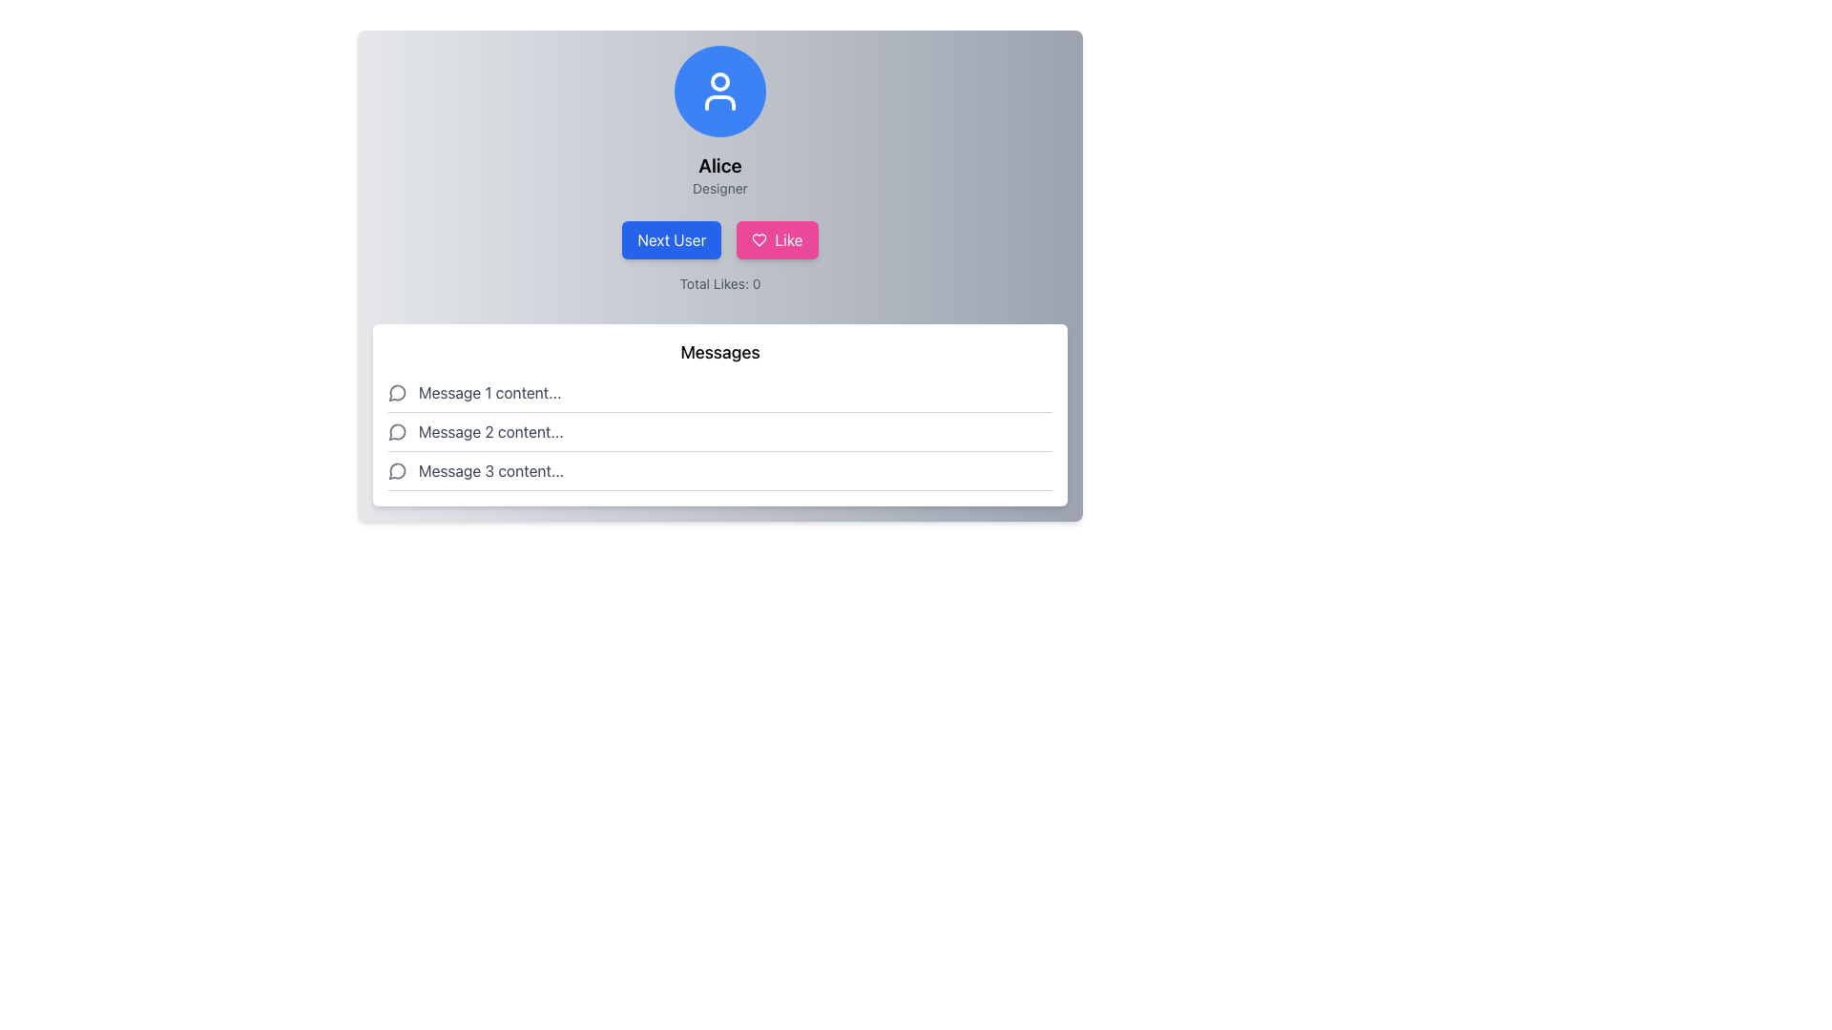 The width and height of the screenshot is (1832, 1030). What do you see at coordinates (672, 238) in the screenshot?
I see `the 'Next User' button, which is a blue button with white text and rounded corners, positioned to the left of a pink 'Like' button` at bounding box center [672, 238].